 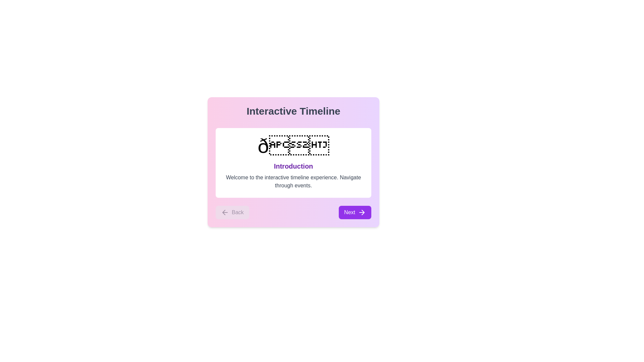 I want to click on the navigation button located, so click(x=355, y=212).